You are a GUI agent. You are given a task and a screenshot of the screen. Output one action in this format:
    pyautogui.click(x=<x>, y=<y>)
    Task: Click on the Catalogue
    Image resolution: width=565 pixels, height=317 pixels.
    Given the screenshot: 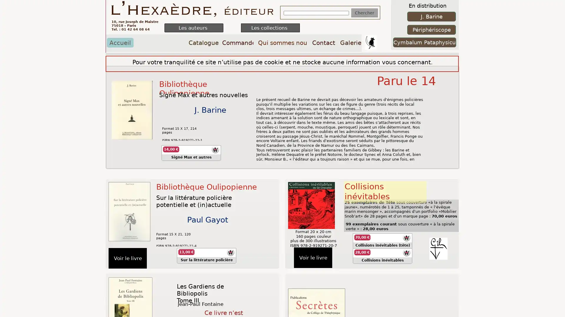 What is the action you would take?
    pyautogui.click(x=203, y=42)
    